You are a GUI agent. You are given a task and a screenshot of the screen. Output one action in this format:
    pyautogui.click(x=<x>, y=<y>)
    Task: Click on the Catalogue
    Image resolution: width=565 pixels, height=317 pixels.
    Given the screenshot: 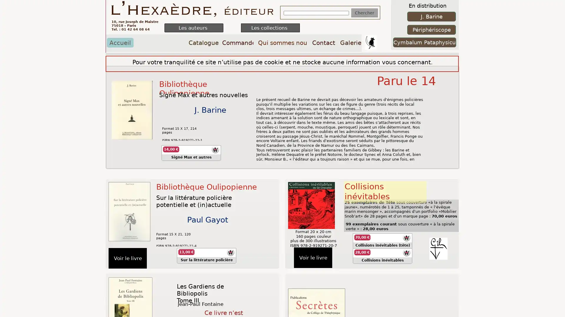 What is the action you would take?
    pyautogui.click(x=203, y=42)
    